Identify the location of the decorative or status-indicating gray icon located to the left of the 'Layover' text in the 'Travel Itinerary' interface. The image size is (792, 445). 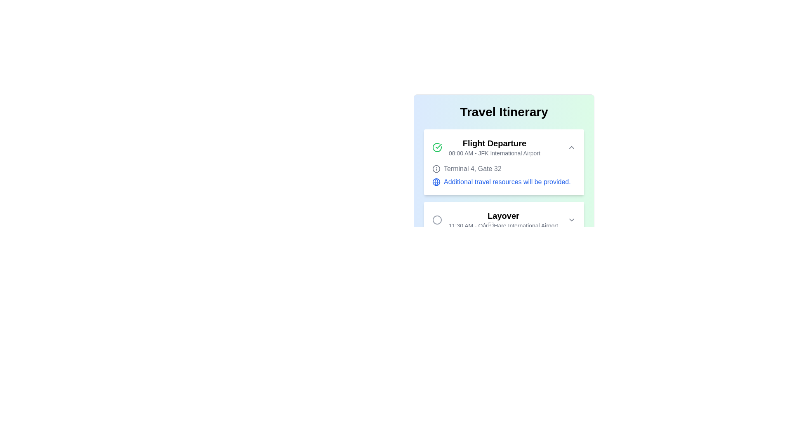
(437, 219).